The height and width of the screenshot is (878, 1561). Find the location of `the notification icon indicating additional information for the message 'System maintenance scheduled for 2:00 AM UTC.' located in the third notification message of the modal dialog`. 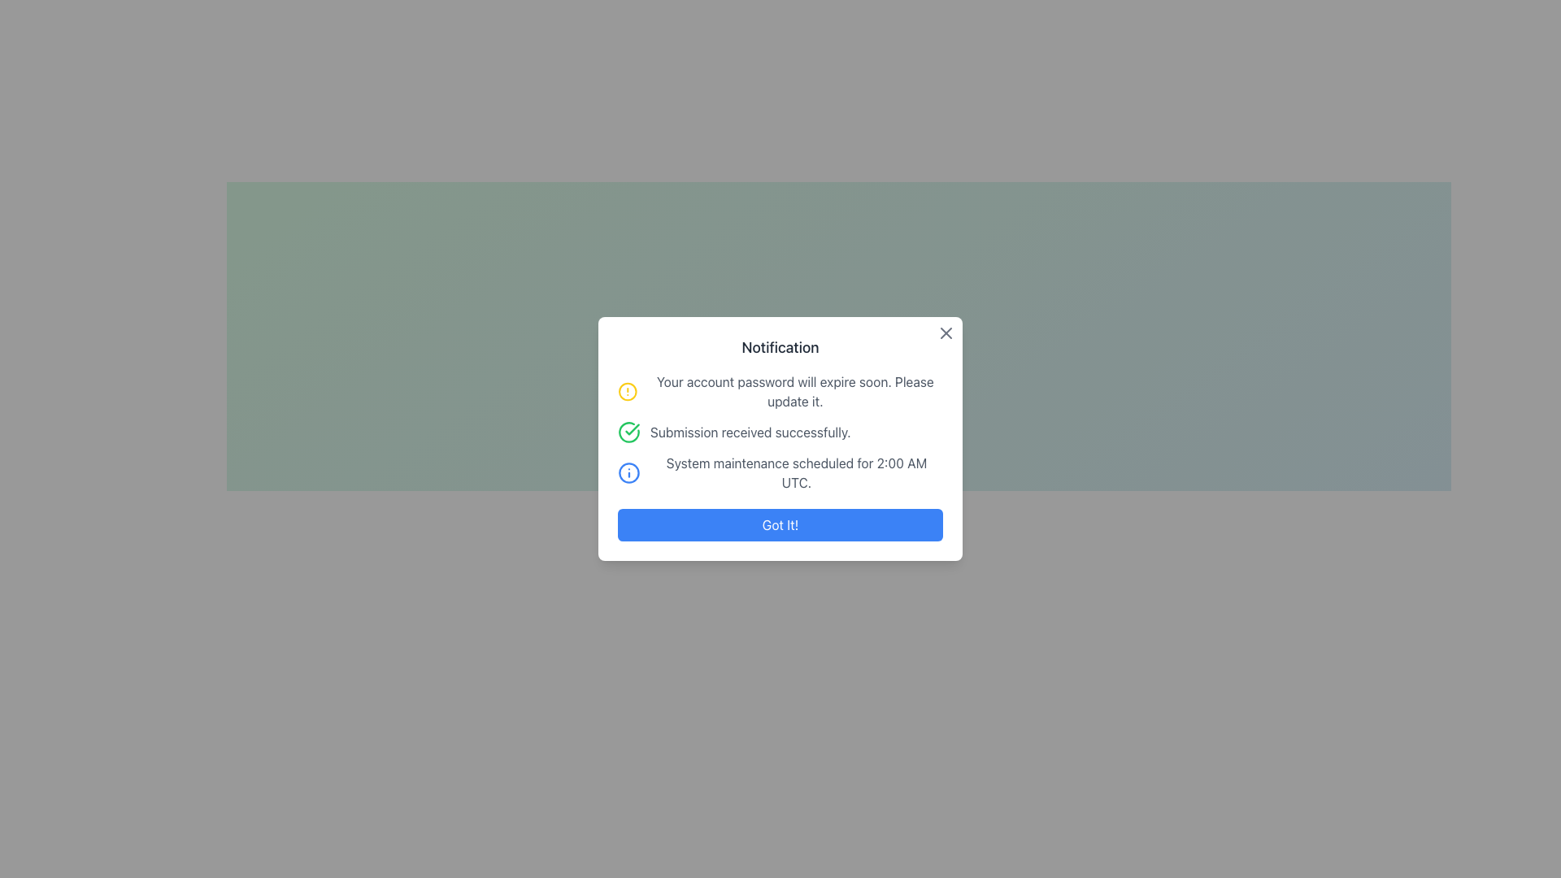

the notification icon indicating additional information for the message 'System maintenance scheduled for 2:00 AM UTC.' located in the third notification message of the modal dialog is located at coordinates (628, 473).